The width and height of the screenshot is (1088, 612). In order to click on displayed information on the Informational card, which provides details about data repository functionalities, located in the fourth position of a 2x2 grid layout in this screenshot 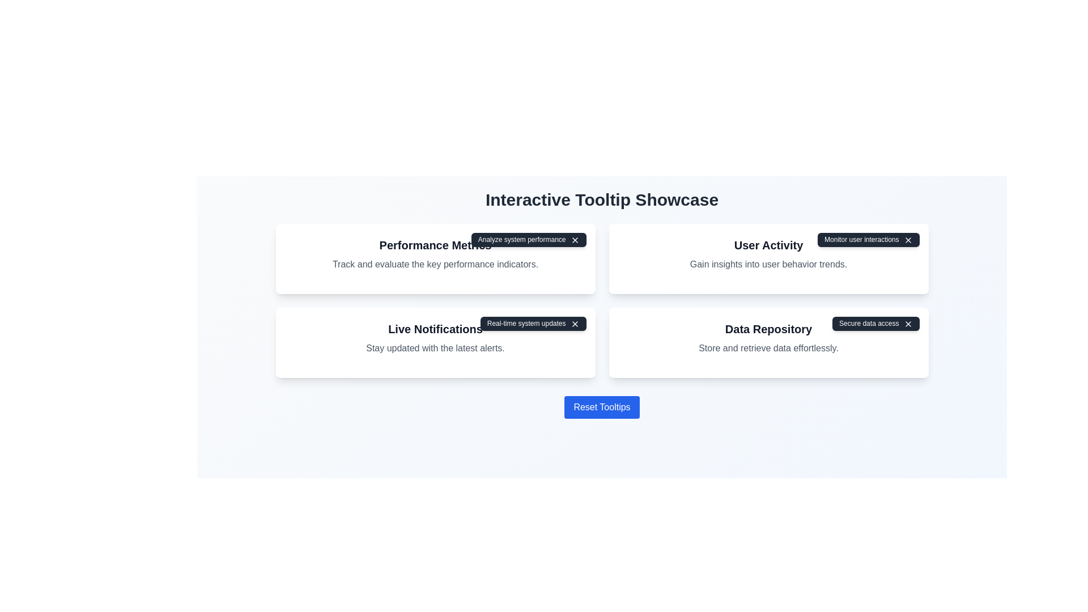, I will do `click(768, 342)`.